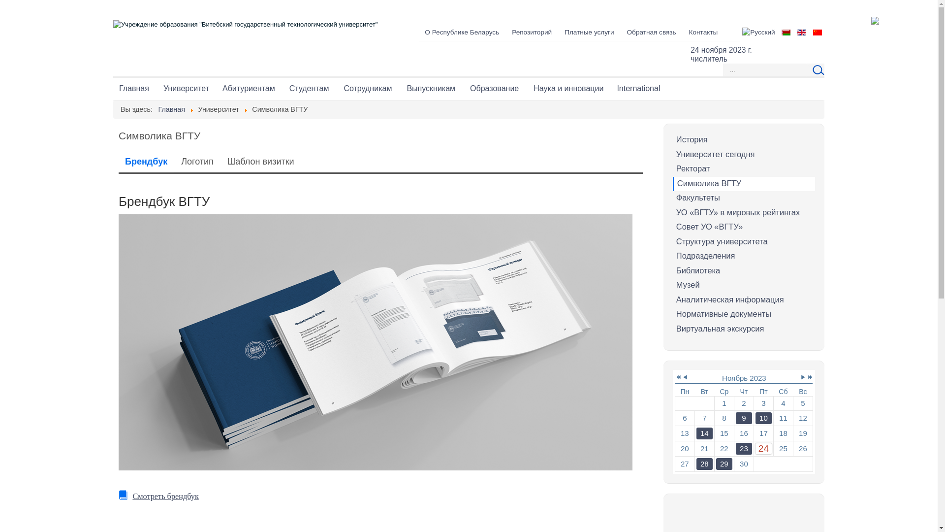 The height and width of the screenshot is (532, 945). Describe the element at coordinates (716, 464) in the screenshot. I see `'29'` at that location.